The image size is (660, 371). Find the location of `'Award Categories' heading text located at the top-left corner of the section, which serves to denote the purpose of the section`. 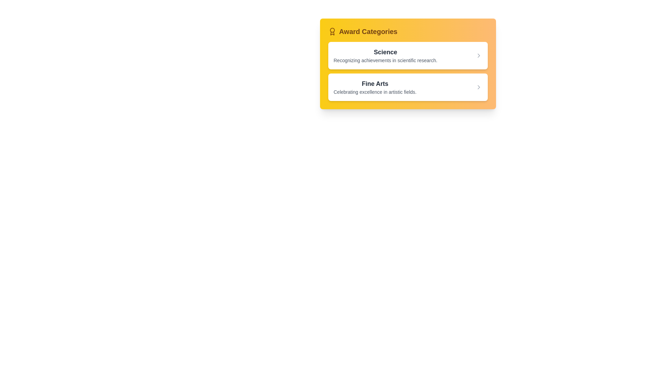

'Award Categories' heading text located at the top-left corner of the section, which serves to denote the purpose of the section is located at coordinates (362, 32).